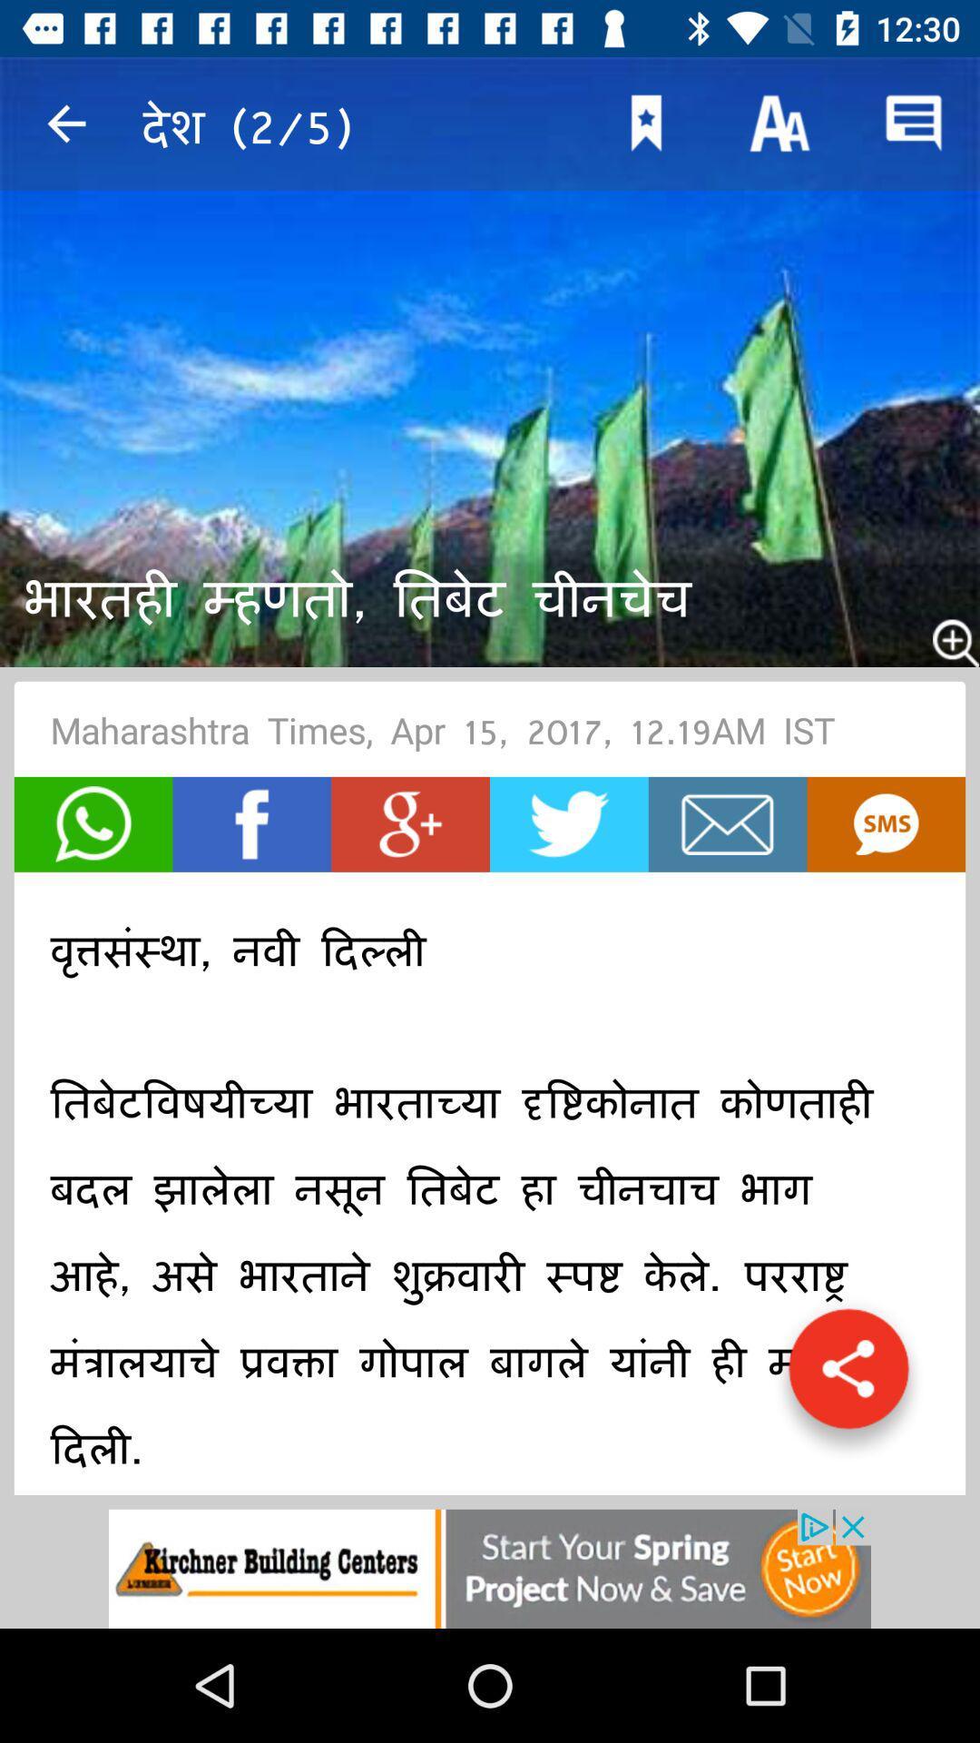 The height and width of the screenshot is (1743, 980). I want to click on go back, so click(65, 123).